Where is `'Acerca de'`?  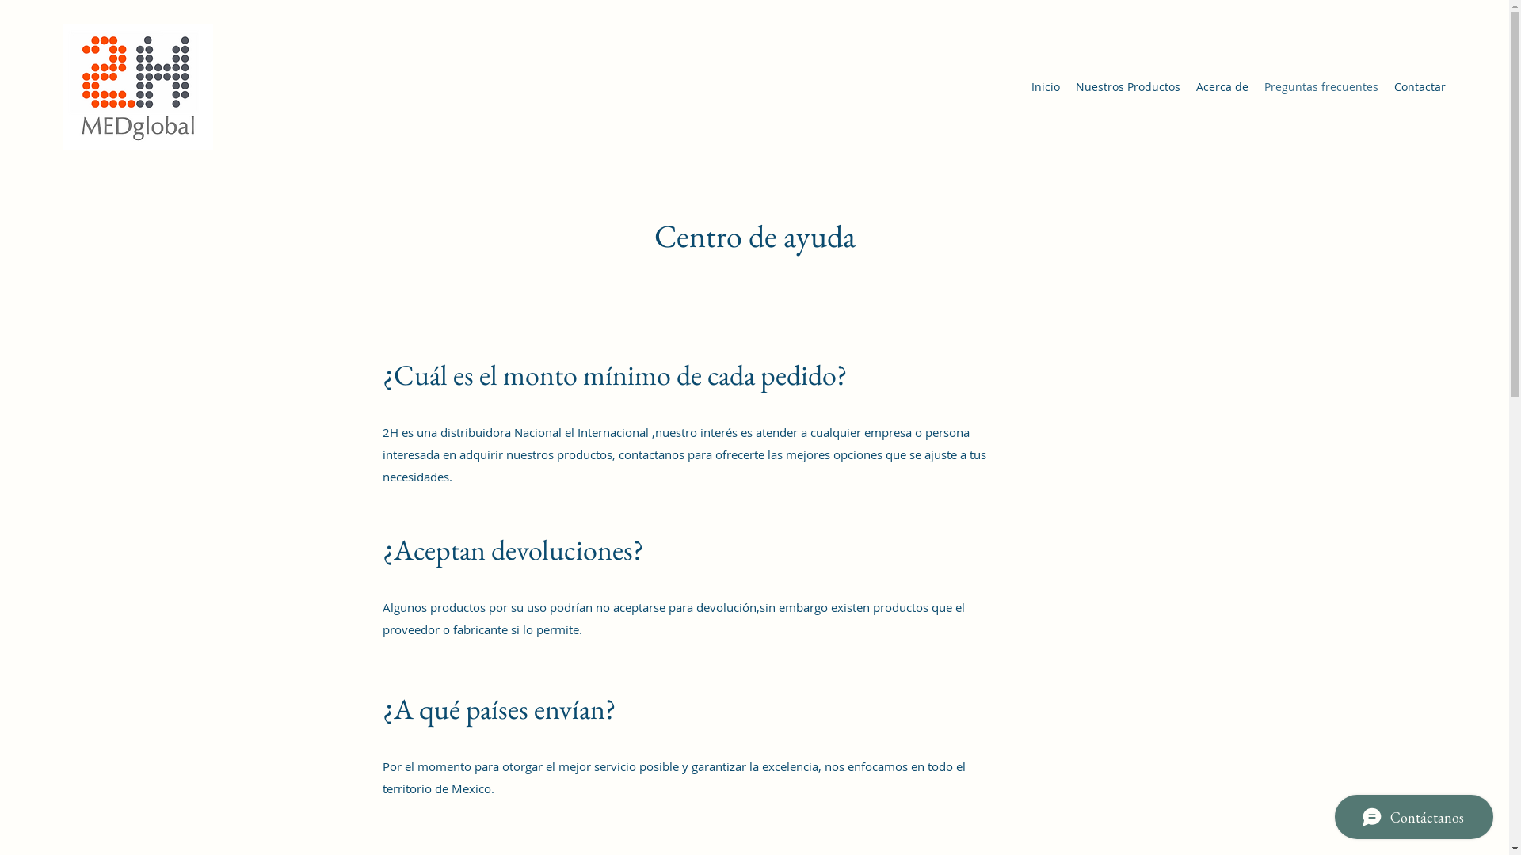 'Acerca de' is located at coordinates (1221, 87).